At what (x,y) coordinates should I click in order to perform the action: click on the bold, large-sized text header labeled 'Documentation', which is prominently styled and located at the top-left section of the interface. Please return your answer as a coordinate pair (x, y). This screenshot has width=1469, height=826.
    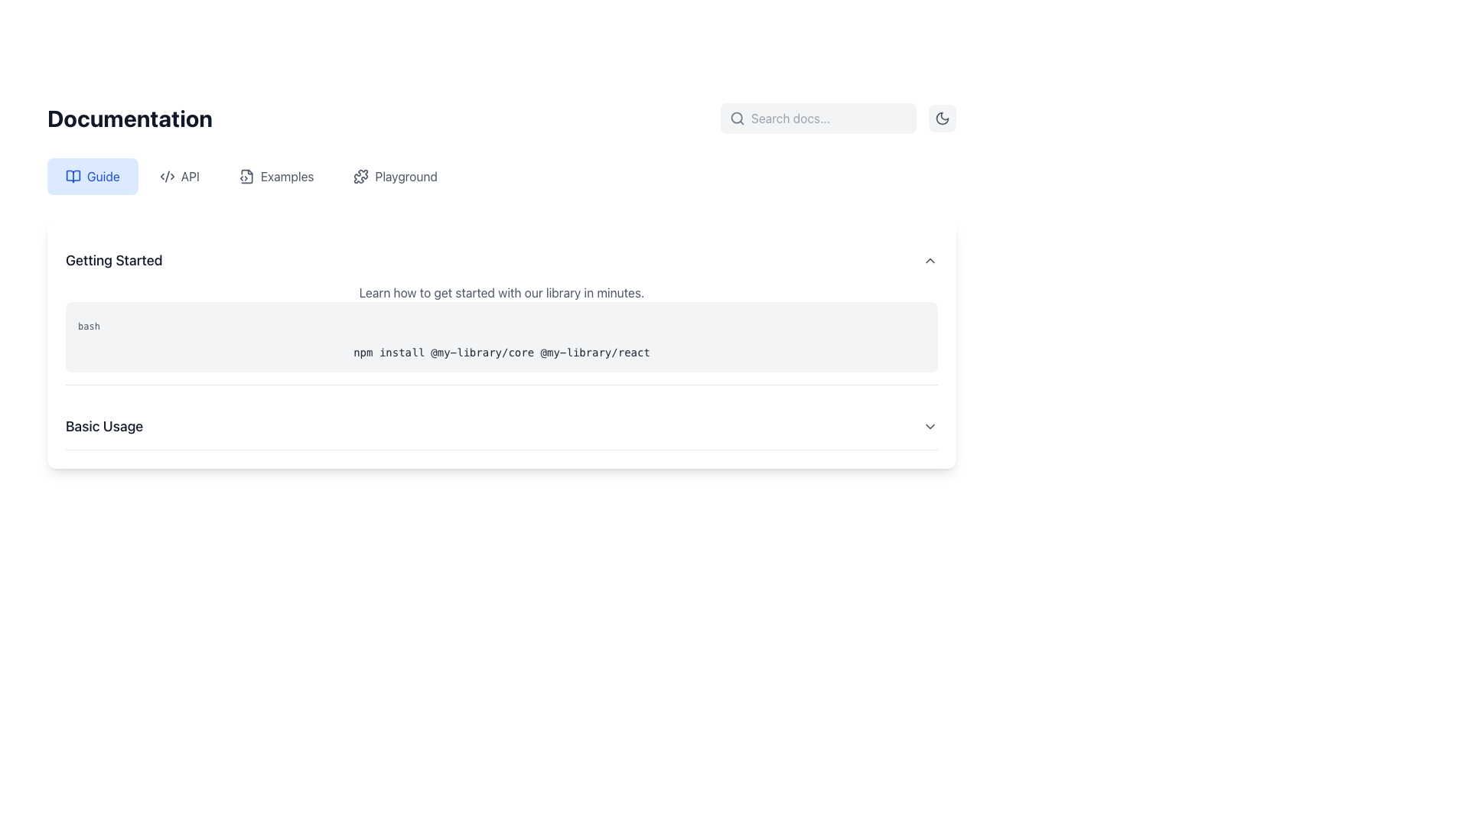
    Looking at the image, I should click on (130, 117).